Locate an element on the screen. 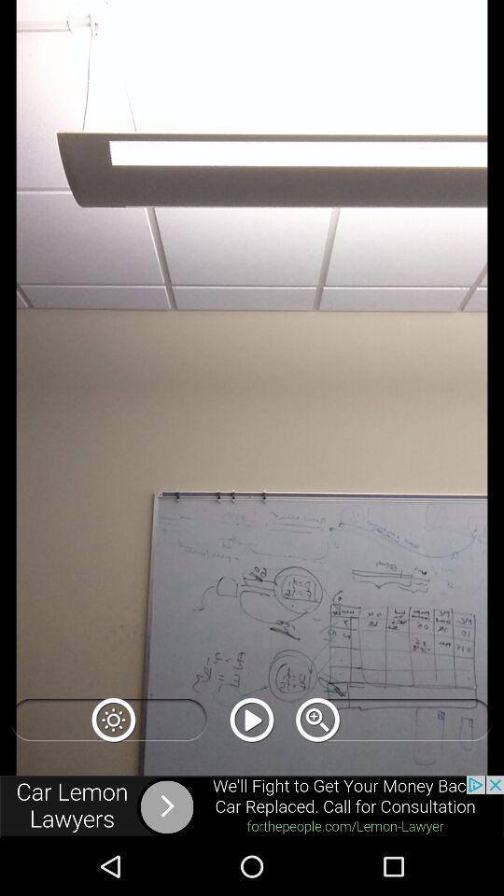 Image resolution: width=504 pixels, height=896 pixels. advertisement link is located at coordinates (252, 805).